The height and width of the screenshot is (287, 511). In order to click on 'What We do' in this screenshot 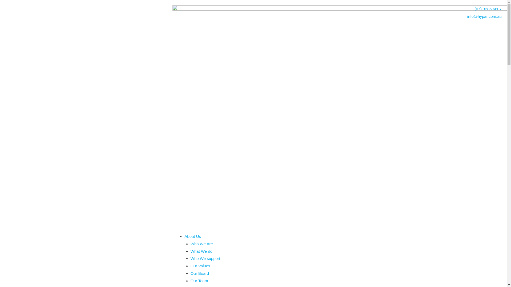, I will do `click(201, 251)`.